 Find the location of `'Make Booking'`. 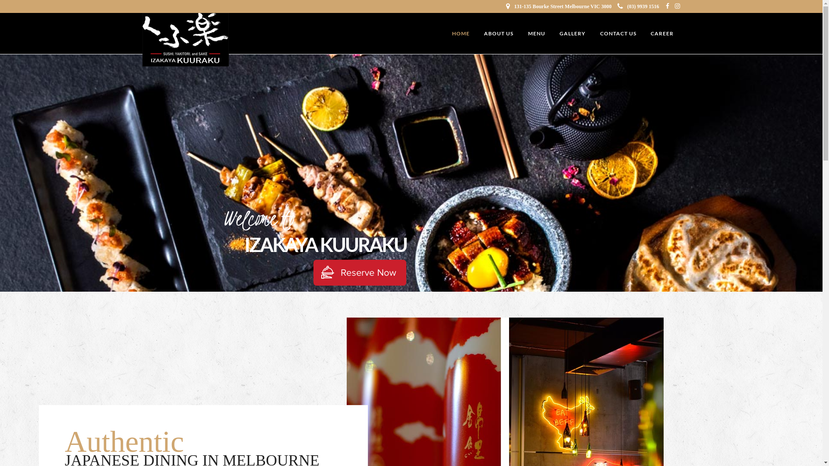

'Make Booking' is located at coordinates (360, 273).